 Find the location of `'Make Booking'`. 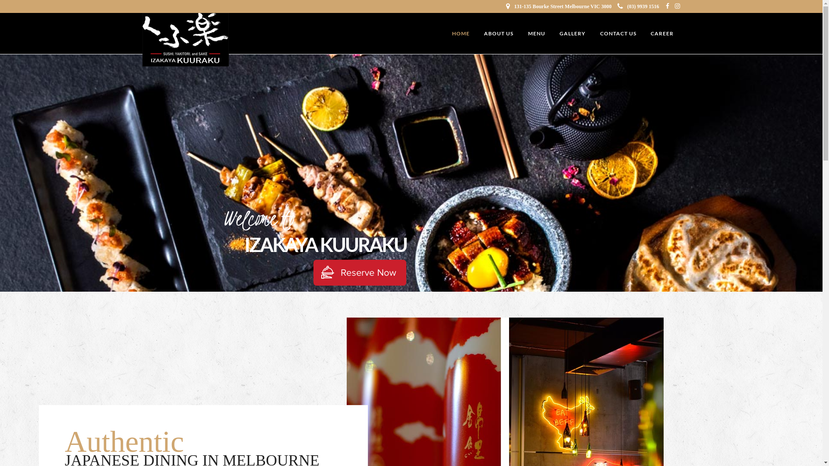

'Make Booking' is located at coordinates (360, 273).